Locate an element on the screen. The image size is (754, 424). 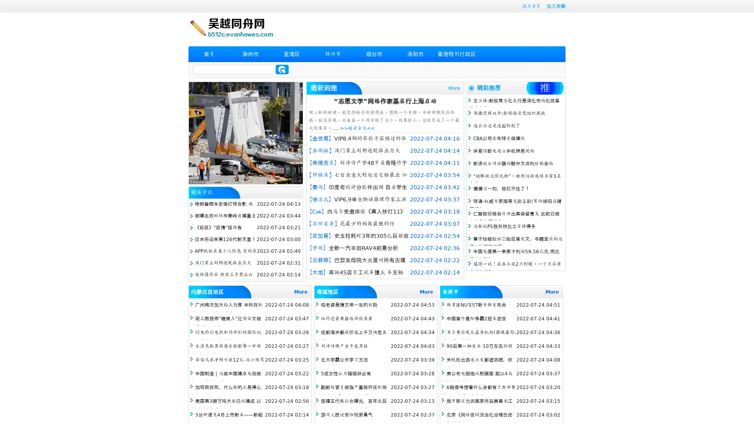
Search is located at coordinates (282, 69).